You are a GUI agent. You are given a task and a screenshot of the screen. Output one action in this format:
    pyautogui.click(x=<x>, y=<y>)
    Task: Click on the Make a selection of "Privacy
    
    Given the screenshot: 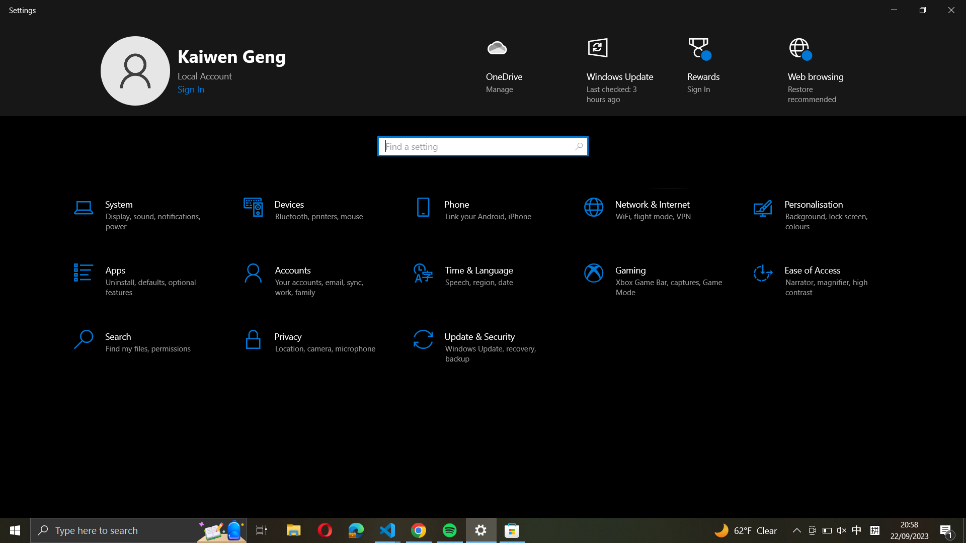 What is the action you would take?
    pyautogui.click(x=313, y=341)
    